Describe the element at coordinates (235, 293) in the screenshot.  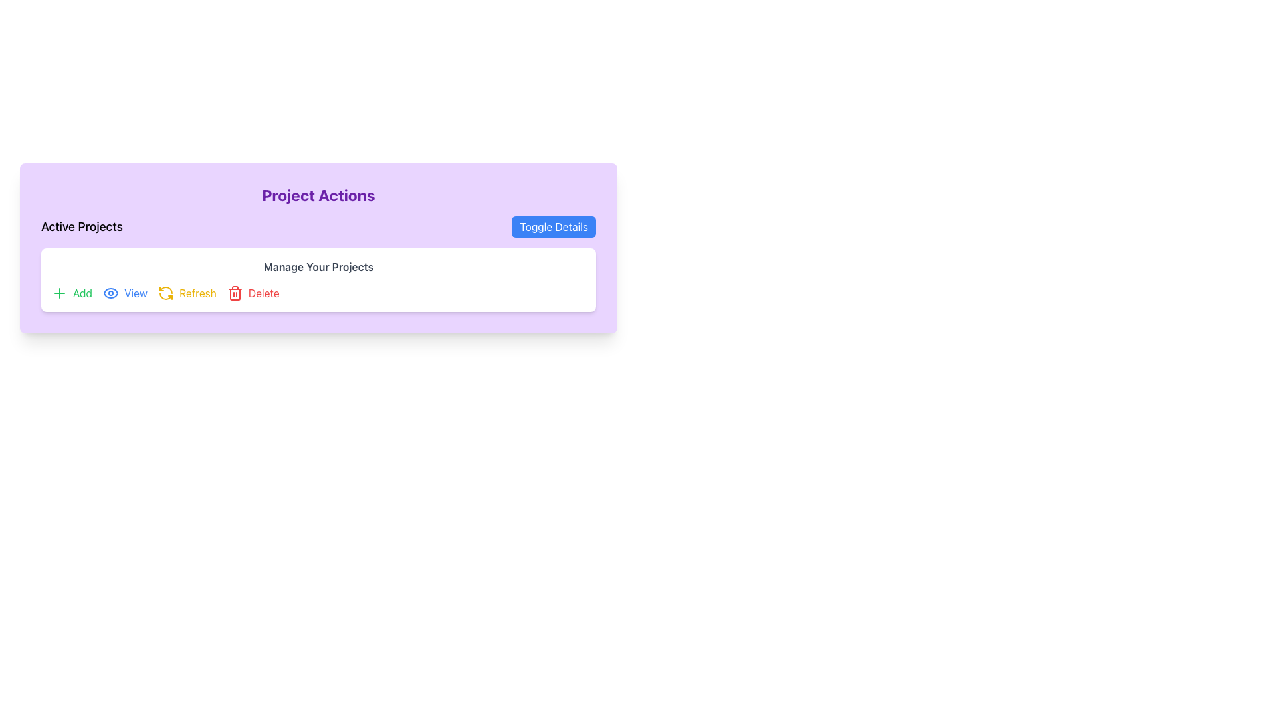
I see `the red trash can icon located within the 'Delete' button in the Manage Your Projects section` at that location.